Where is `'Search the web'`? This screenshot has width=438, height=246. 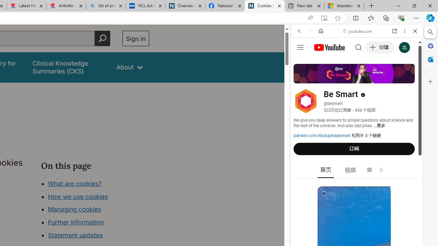 'Search the web' is located at coordinates (360, 47).